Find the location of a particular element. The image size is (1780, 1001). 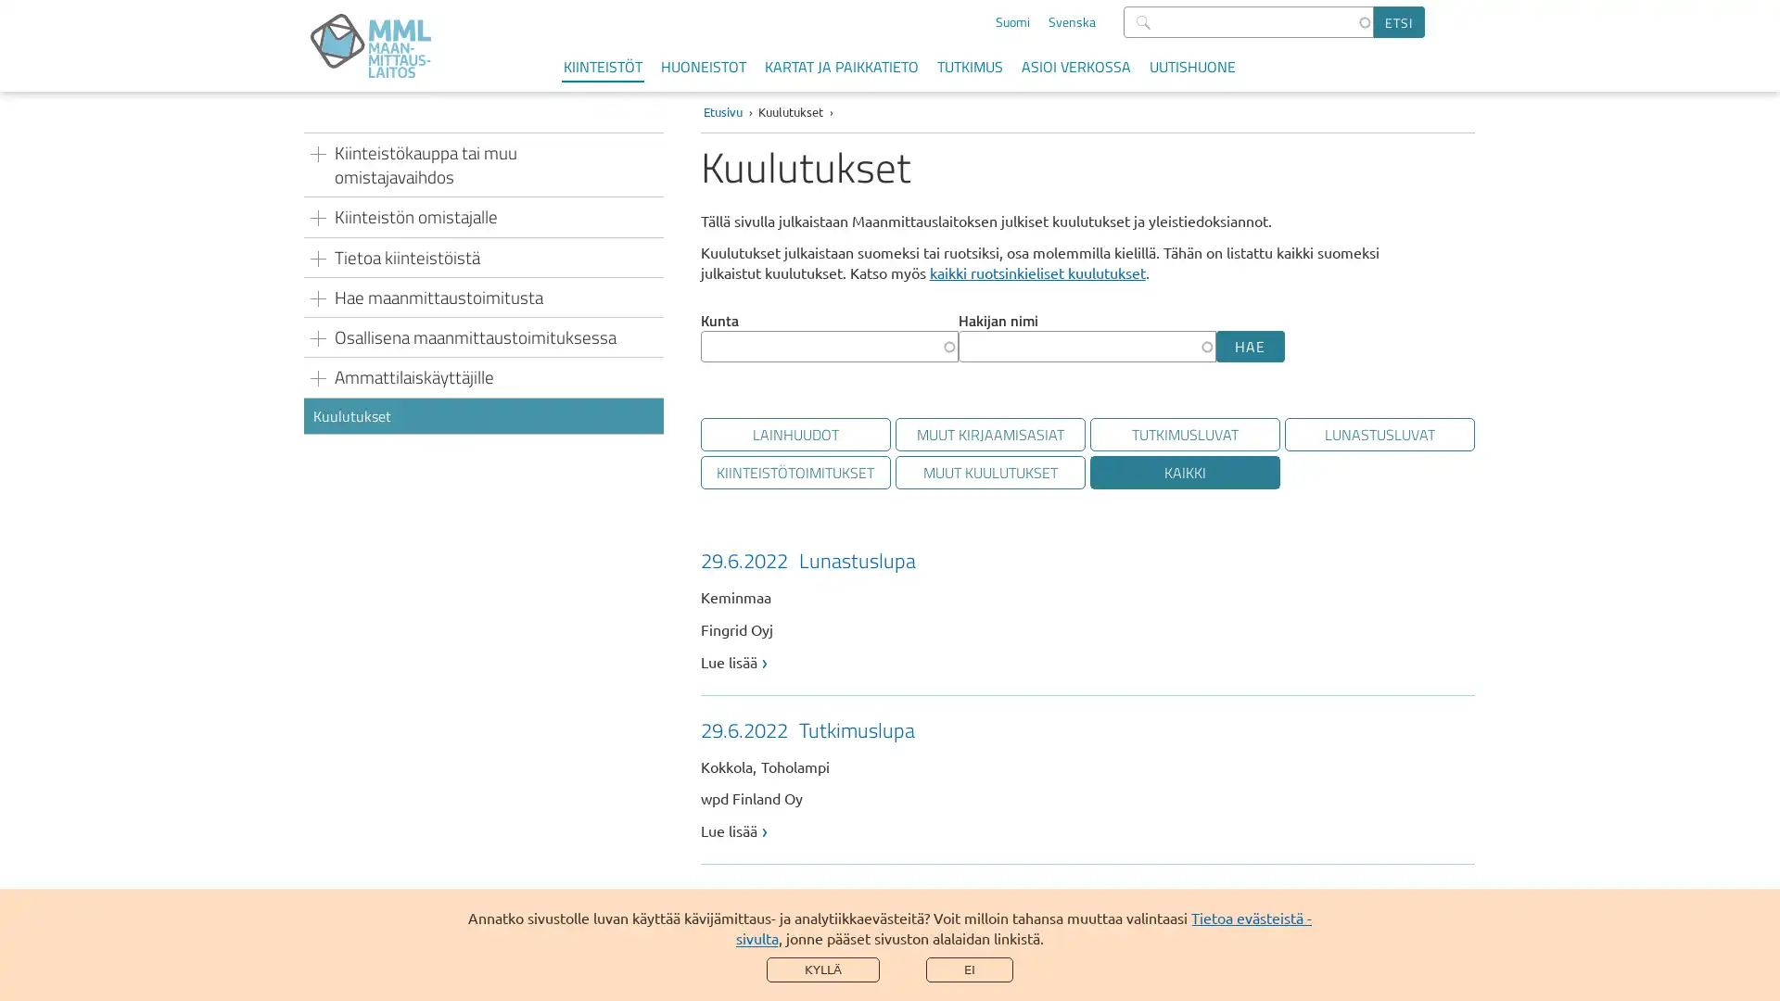

Etsi is located at coordinates (1399, 21).